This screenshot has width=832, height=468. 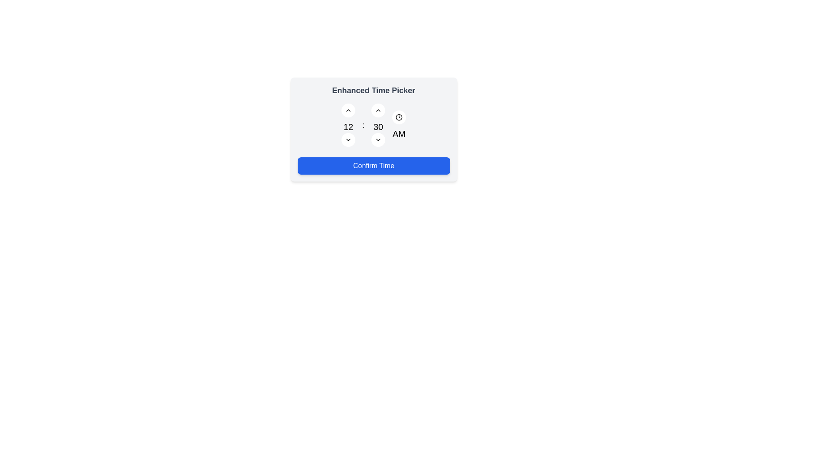 I want to click on the increment button of the minute selection control, which is located between the hour selector and the meridian selector in the time picker interface, so click(x=378, y=125).